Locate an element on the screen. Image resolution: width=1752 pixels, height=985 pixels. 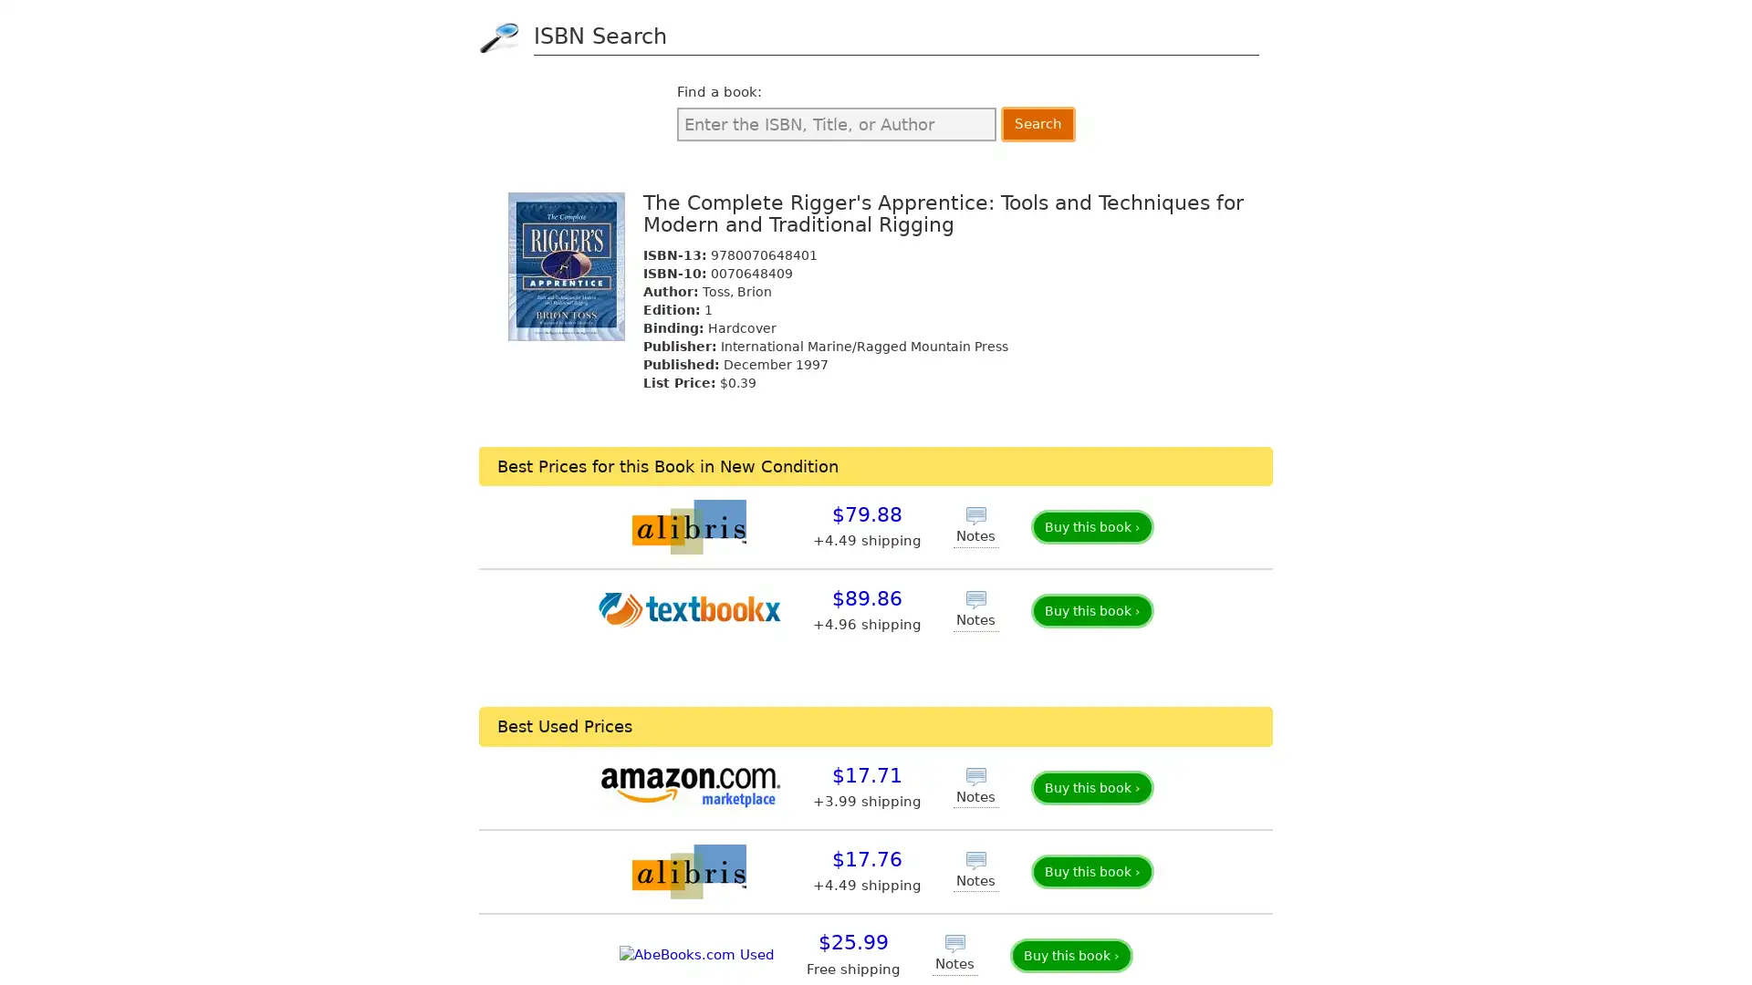
Search is located at coordinates (1038, 123).